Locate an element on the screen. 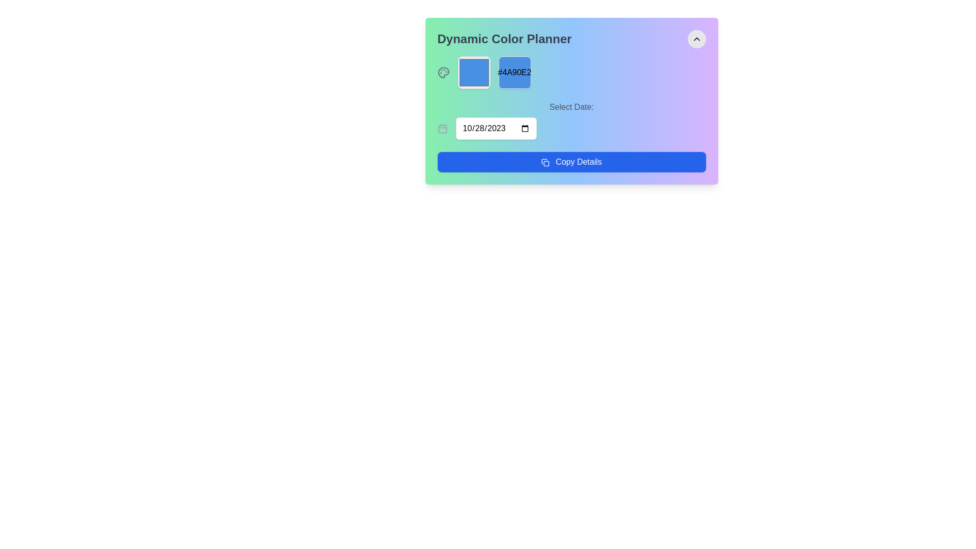 The image size is (976, 549). the calendar icon with a gray outline, located to the left of the date input field in the 'Dynamic Color Planner' card layout is located at coordinates (442, 128).